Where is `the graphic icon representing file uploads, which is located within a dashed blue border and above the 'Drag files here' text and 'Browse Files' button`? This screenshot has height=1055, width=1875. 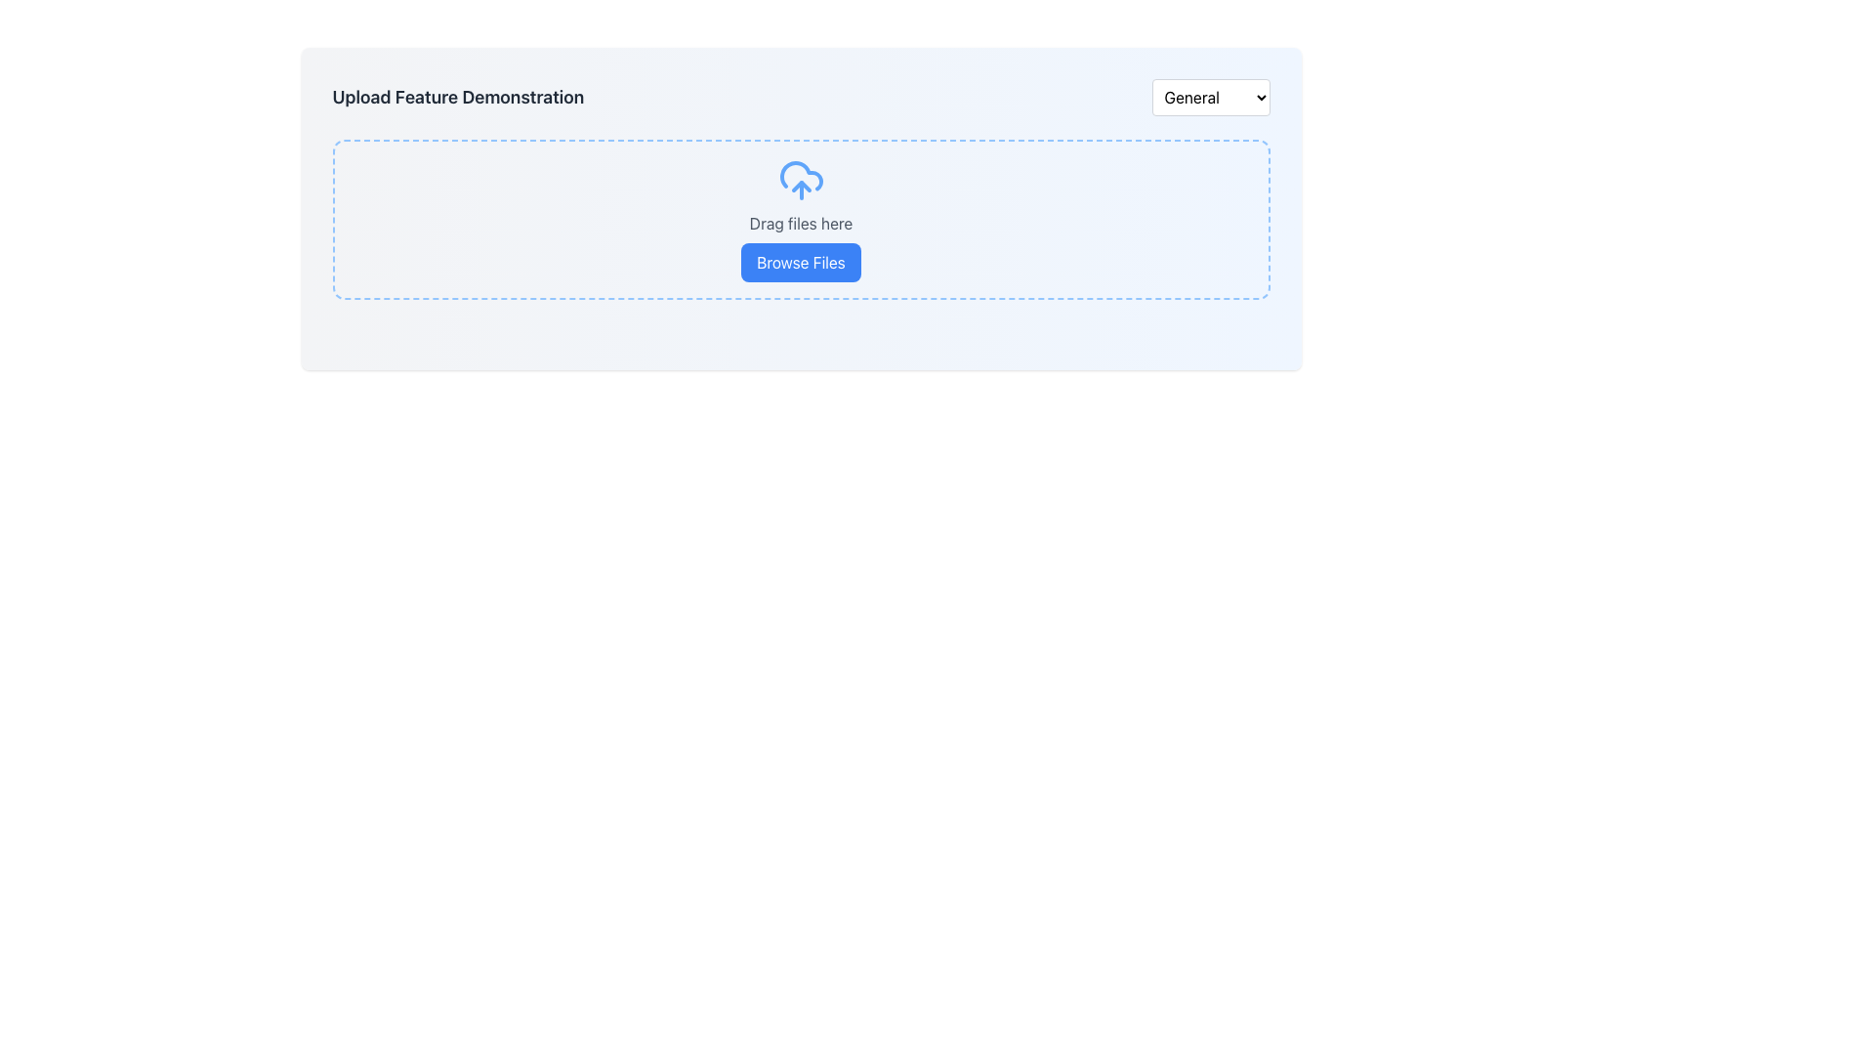 the graphic icon representing file uploads, which is located within a dashed blue border and above the 'Drag files here' text and 'Browse Files' button is located at coordinates (801, 181).